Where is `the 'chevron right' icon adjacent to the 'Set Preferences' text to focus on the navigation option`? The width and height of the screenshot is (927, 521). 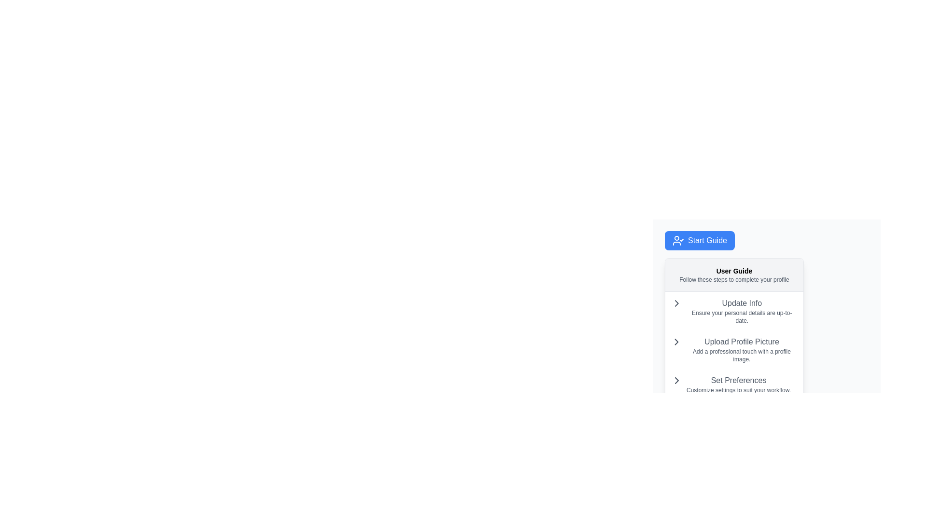
the 'chevron right' icon adjacent to the 'Set Preferences' text to focus on the navigation option is located at coordinates (676, 380).